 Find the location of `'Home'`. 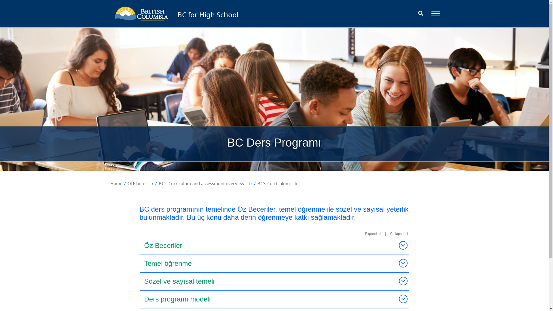

'Home' is located at coordinates (110, 183).